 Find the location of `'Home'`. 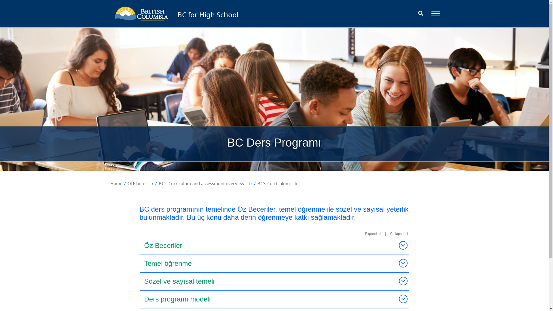

'Home' is located at coordinates (110, 183).